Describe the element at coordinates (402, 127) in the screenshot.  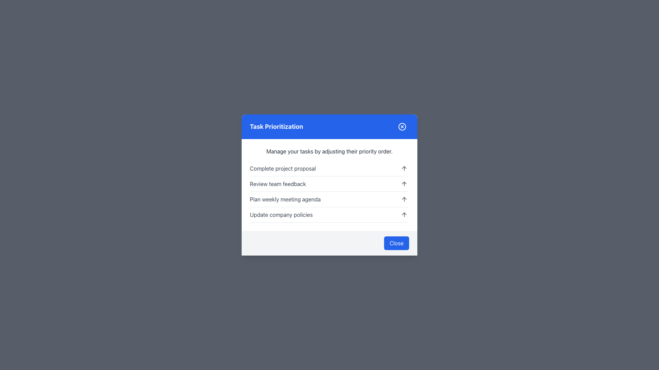
I see `the close button icon with an 'X'` at that location.